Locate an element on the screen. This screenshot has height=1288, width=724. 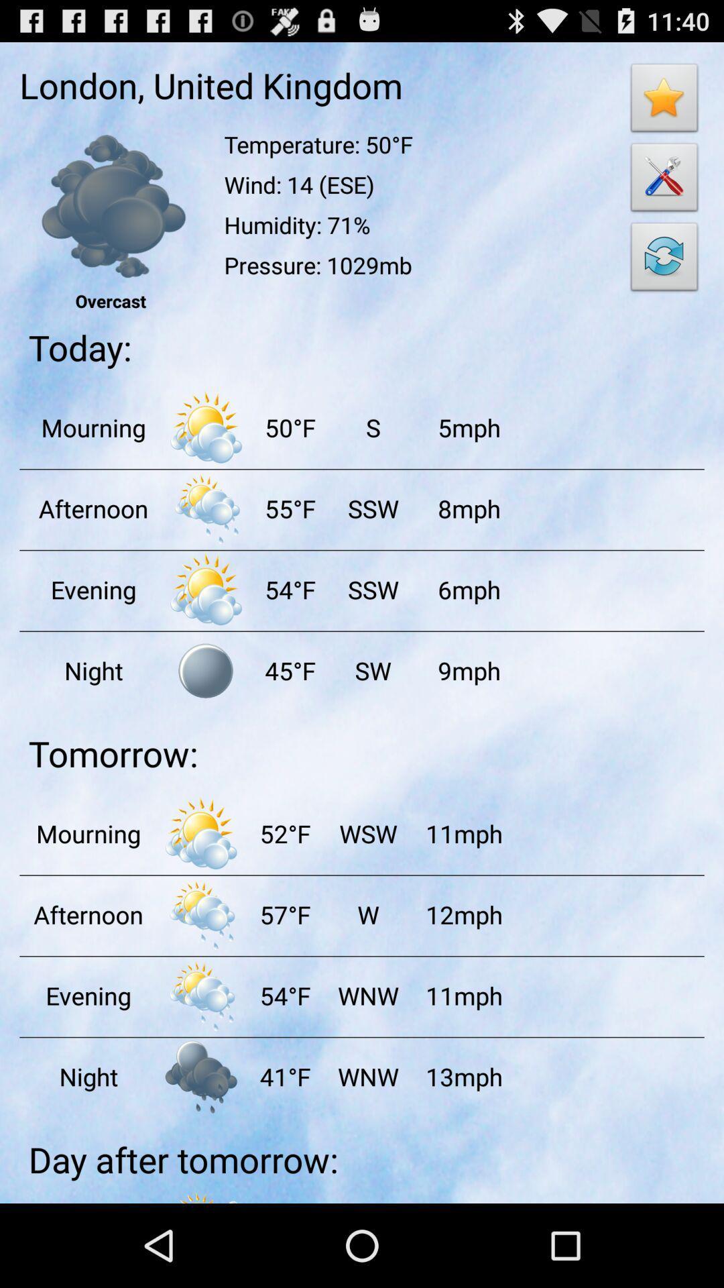
temprature is located at coordinates (206, 508).